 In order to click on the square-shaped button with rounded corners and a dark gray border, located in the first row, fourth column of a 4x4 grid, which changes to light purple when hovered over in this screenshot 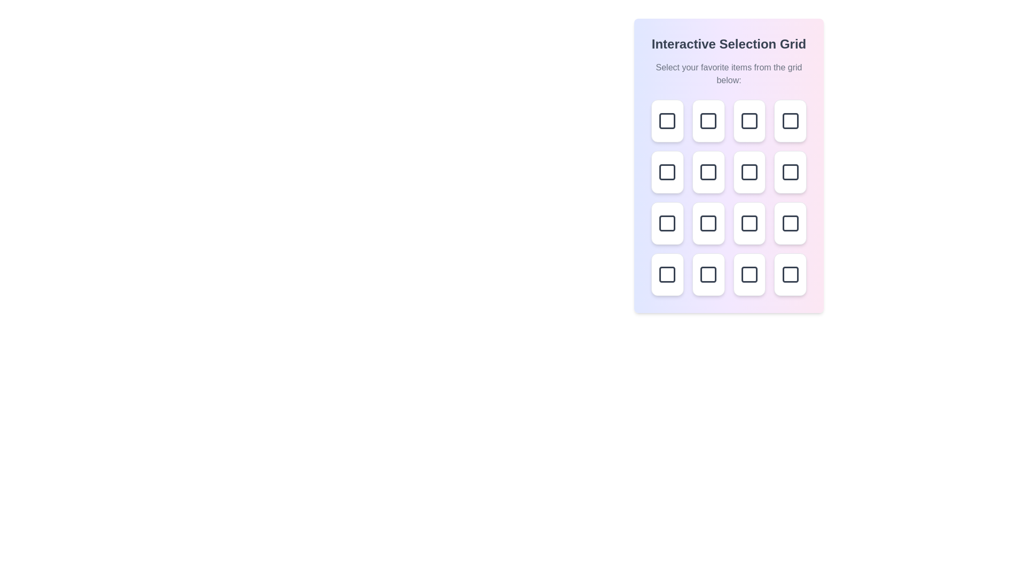, I will do `click(790, 121)`.